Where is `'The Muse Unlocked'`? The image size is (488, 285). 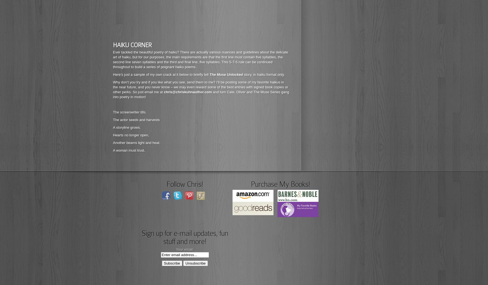
'The Muse Unlocked' is located at coordinates (226, 74).